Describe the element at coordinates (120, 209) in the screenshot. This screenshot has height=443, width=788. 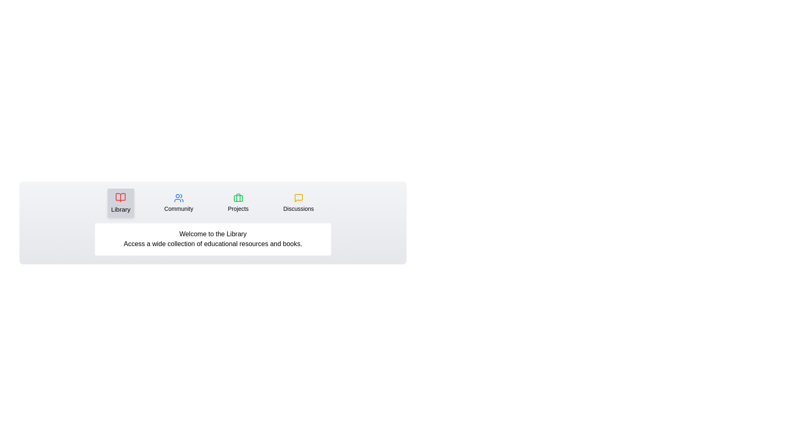
I see `the static text label displaying 'Library', which is located directly beneath the red book icon in the horizontal navigation bar` at that location.